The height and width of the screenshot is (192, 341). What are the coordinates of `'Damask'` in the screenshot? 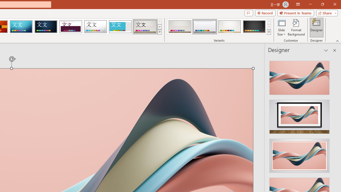 It's located at (46, 27).